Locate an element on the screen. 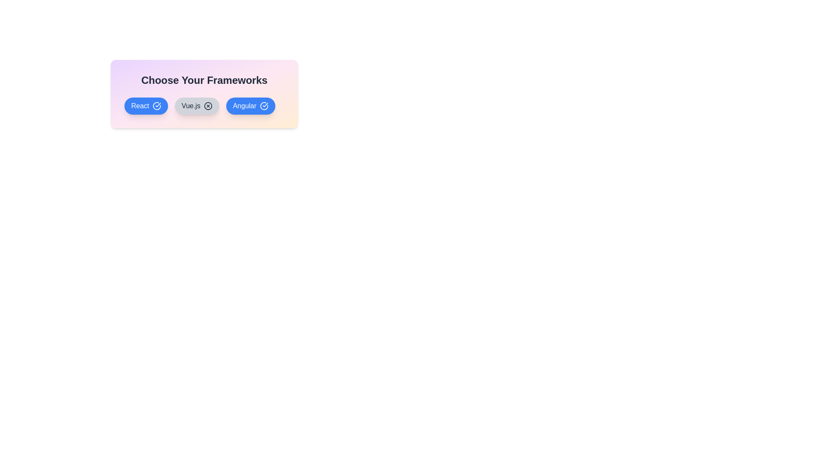 The image size is (821, 462). the text label of the chip labeled Vue.js is located at coordinates (196, 105).